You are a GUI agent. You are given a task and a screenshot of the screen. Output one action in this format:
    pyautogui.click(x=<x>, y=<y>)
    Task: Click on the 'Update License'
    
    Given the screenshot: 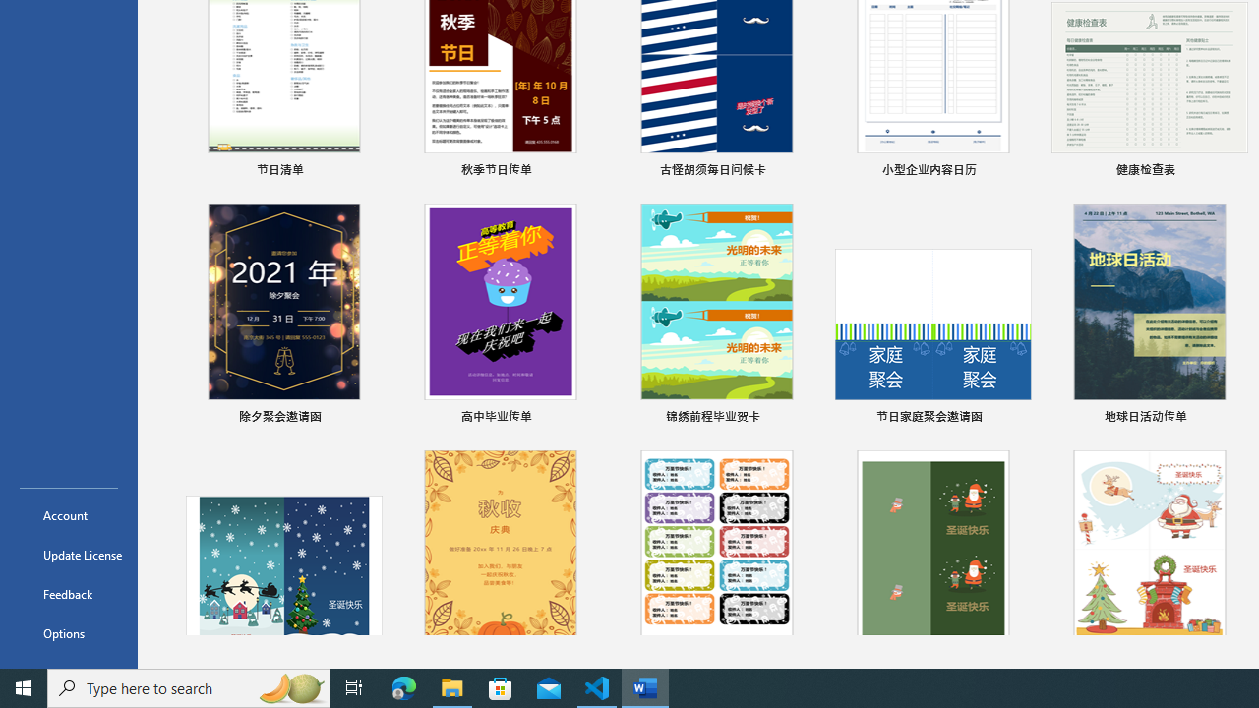 What is the action you would take?
    pyautogui.click(x=68, y=555)
    